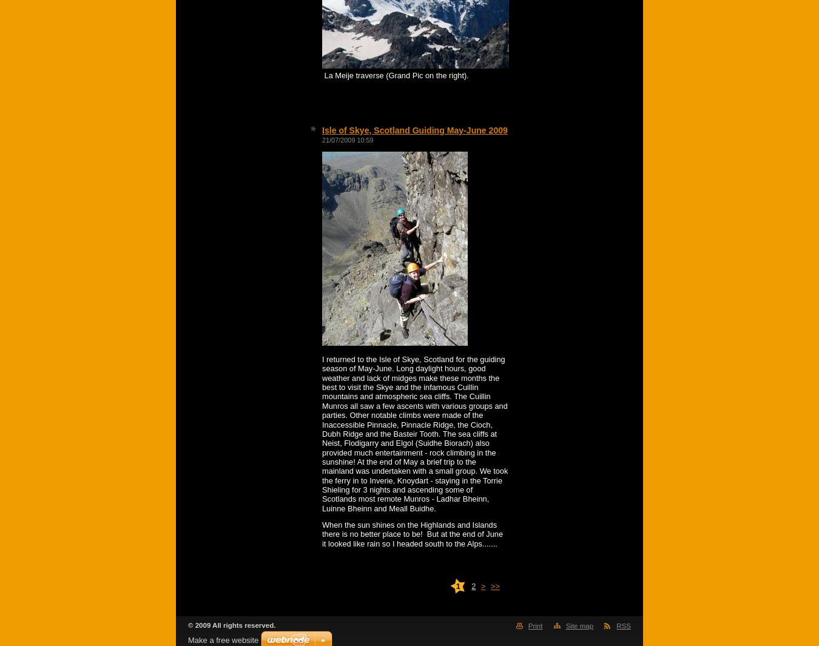 Image resolution: width=819 pixels, height=646 pixels. Describe the element at coordinates (457, 585) in the screenshot. I see `'1'` at that location.